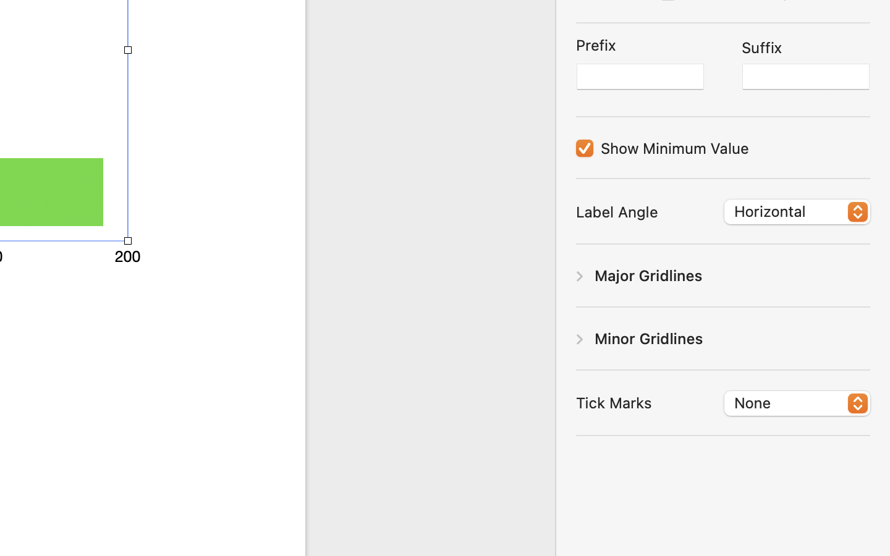 This screenshot has height=556, width=890. I want to click on 'Major Gridlines', so click(648, 274).